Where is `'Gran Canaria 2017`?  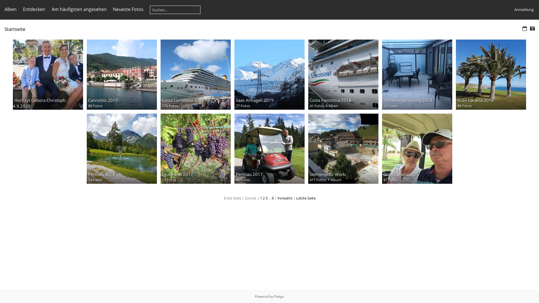 'Gran Canaria 2017 is located at coordinates (417, 148).